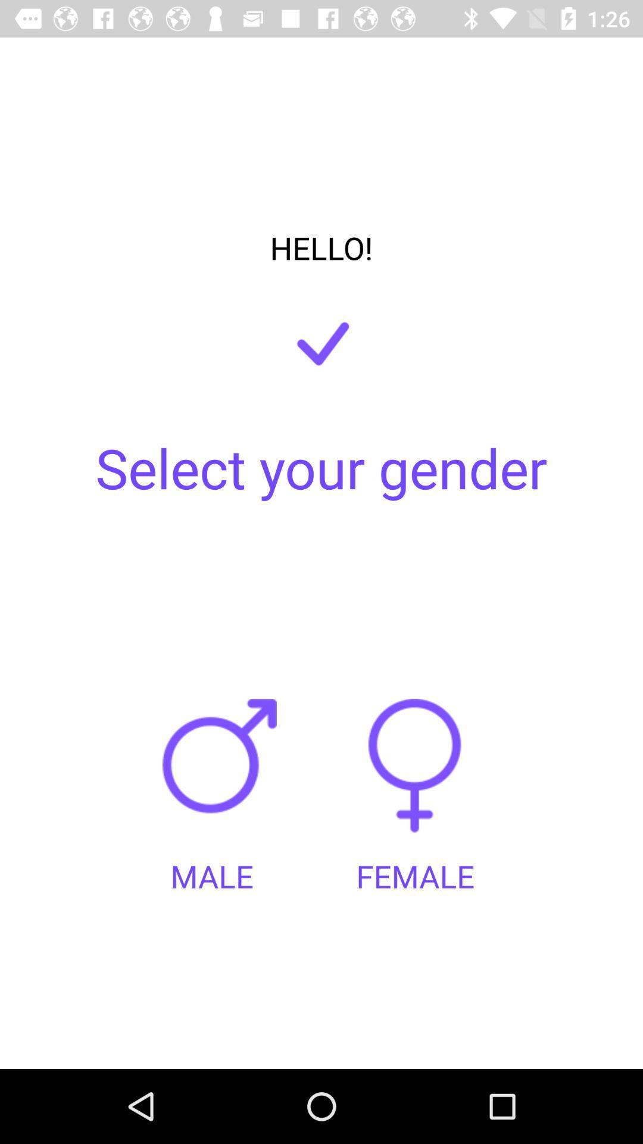 The image size is (643, 1144). Describe the element at coordinates (223, 777) in the screenshot. I see `the item below select your gender icon` at that location.